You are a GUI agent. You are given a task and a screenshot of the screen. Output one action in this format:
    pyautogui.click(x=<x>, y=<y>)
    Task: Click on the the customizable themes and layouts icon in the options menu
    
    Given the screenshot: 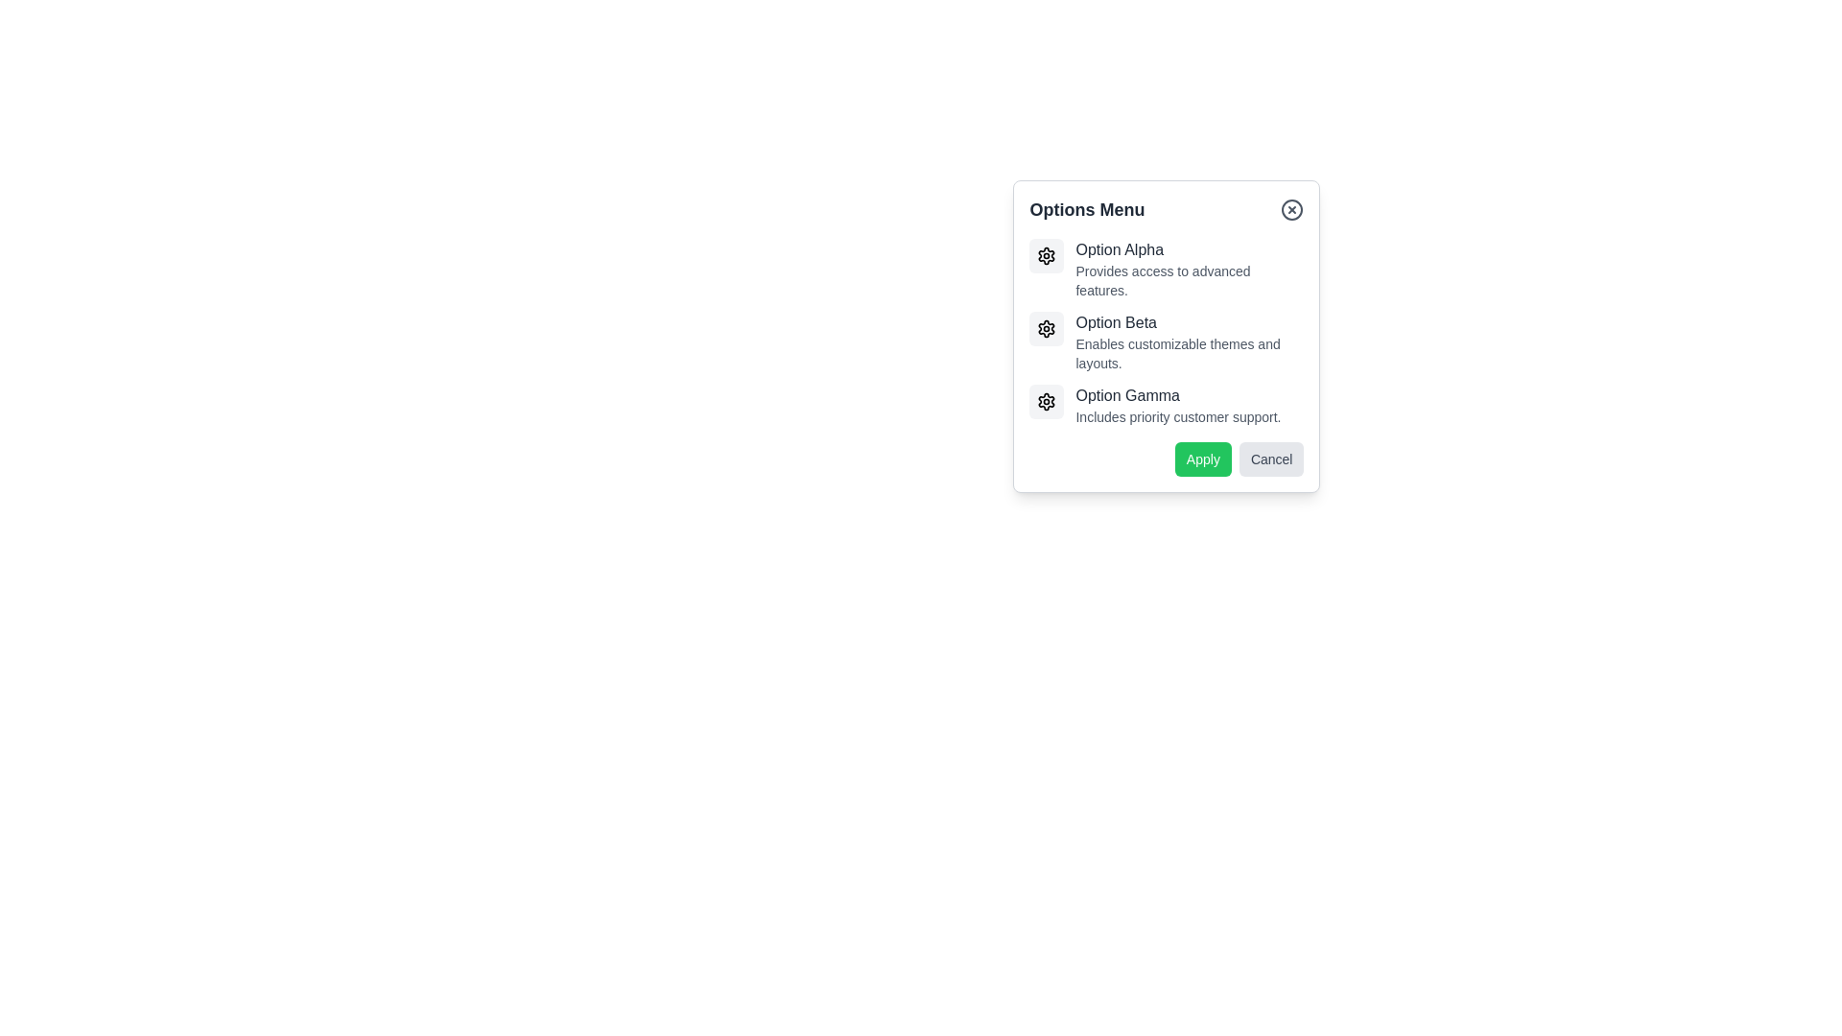 What is the action you would take?
    pyautogui.click(x=1046, y=254)
    